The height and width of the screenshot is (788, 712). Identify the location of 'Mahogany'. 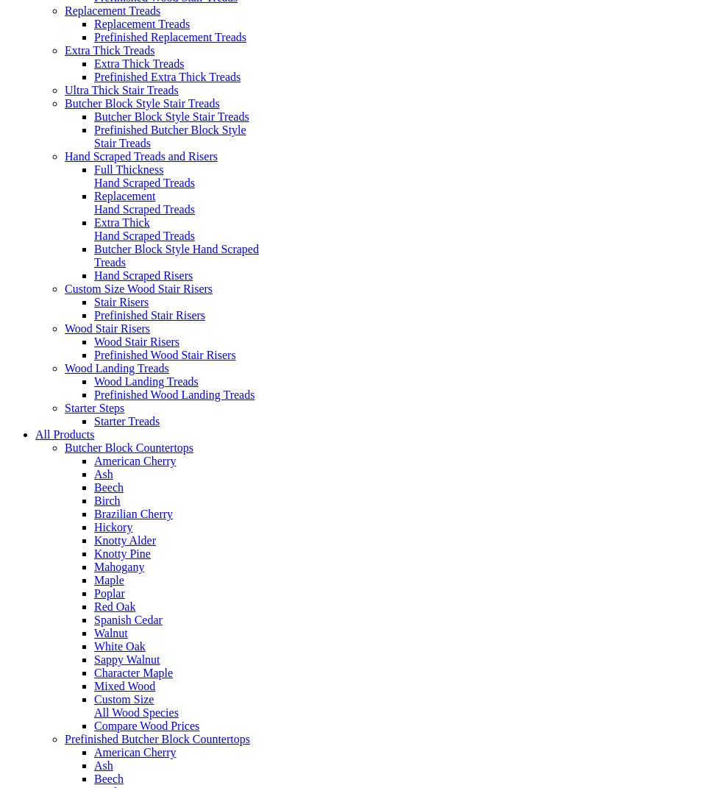
(119, 566).